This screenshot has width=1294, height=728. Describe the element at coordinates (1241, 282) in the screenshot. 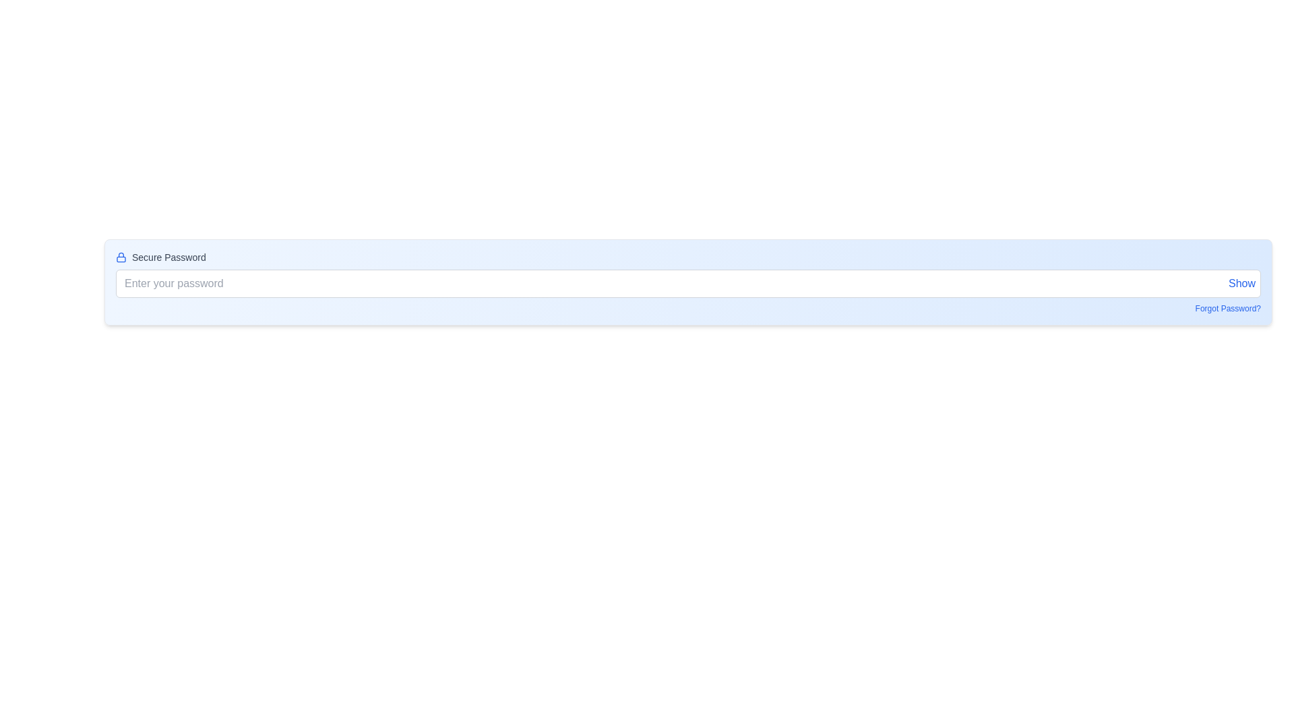

I see `the Text button` at that location.